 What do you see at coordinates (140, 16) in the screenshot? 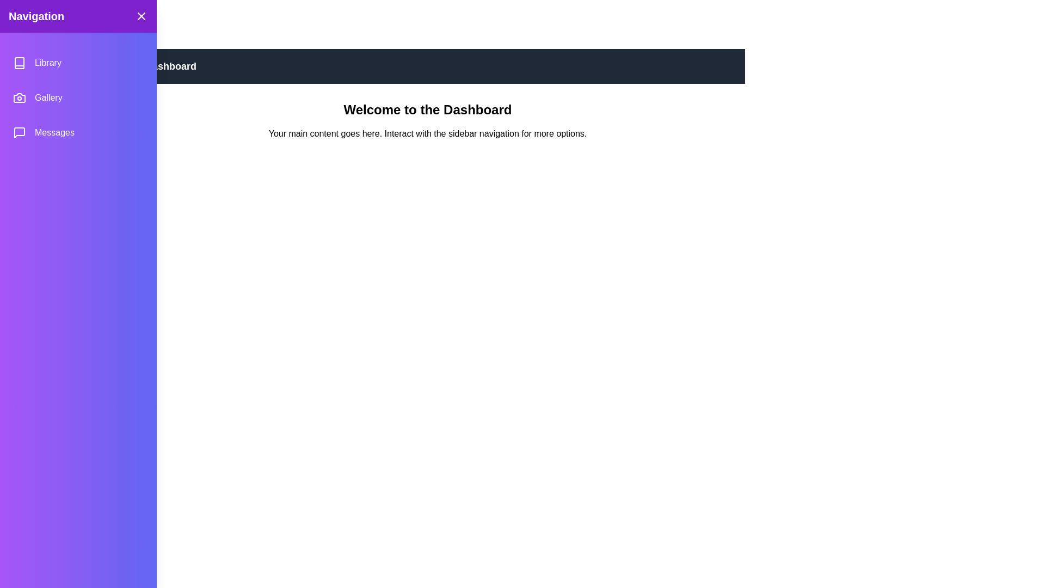
I see `the 'X' icon button located in the top-right corner of the purple navigation header to possibly see a tooltip` at bounding box center [140, 16].